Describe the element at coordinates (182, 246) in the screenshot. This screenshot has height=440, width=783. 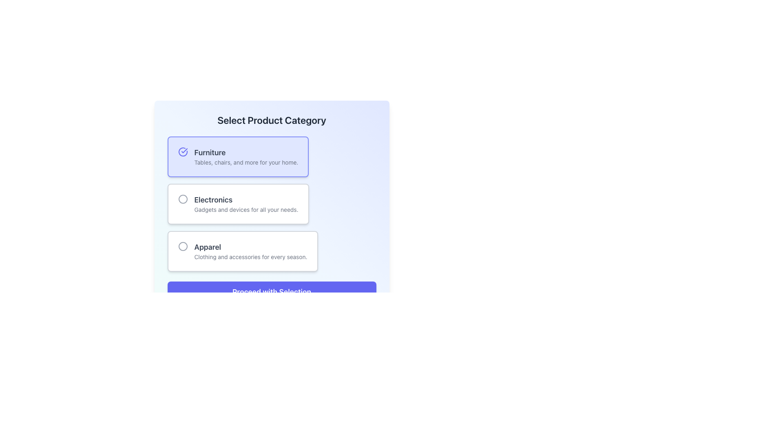
I see `the unselected checkbox indicator for the 'Apparel' category option in the selection menu` at that location.